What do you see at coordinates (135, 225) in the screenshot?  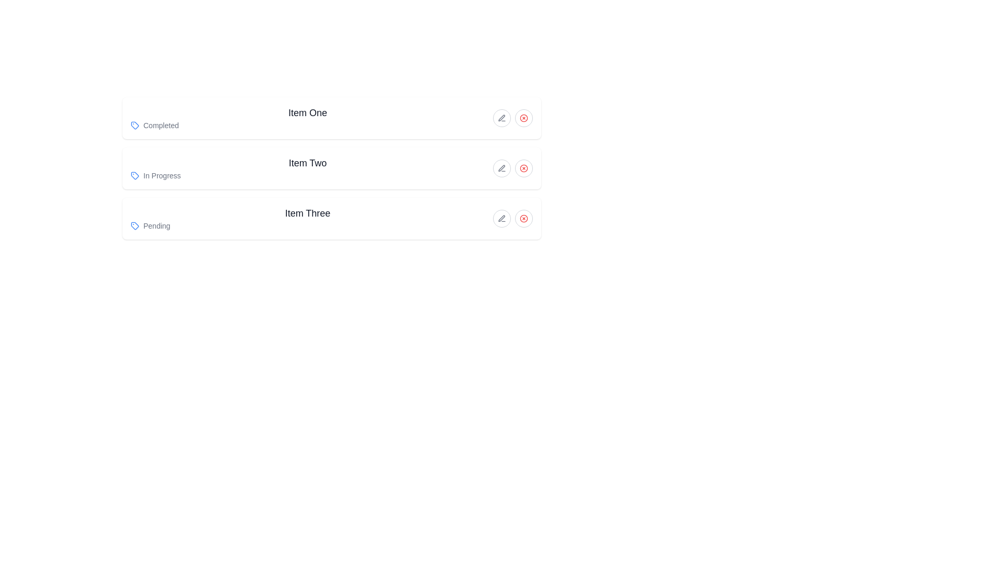 I see `the tag-shaped icon with a blue stroke located near the 'Pending' text label in the bottom-left corner of the 'Item Three' block` at bounding box center [135, 225].